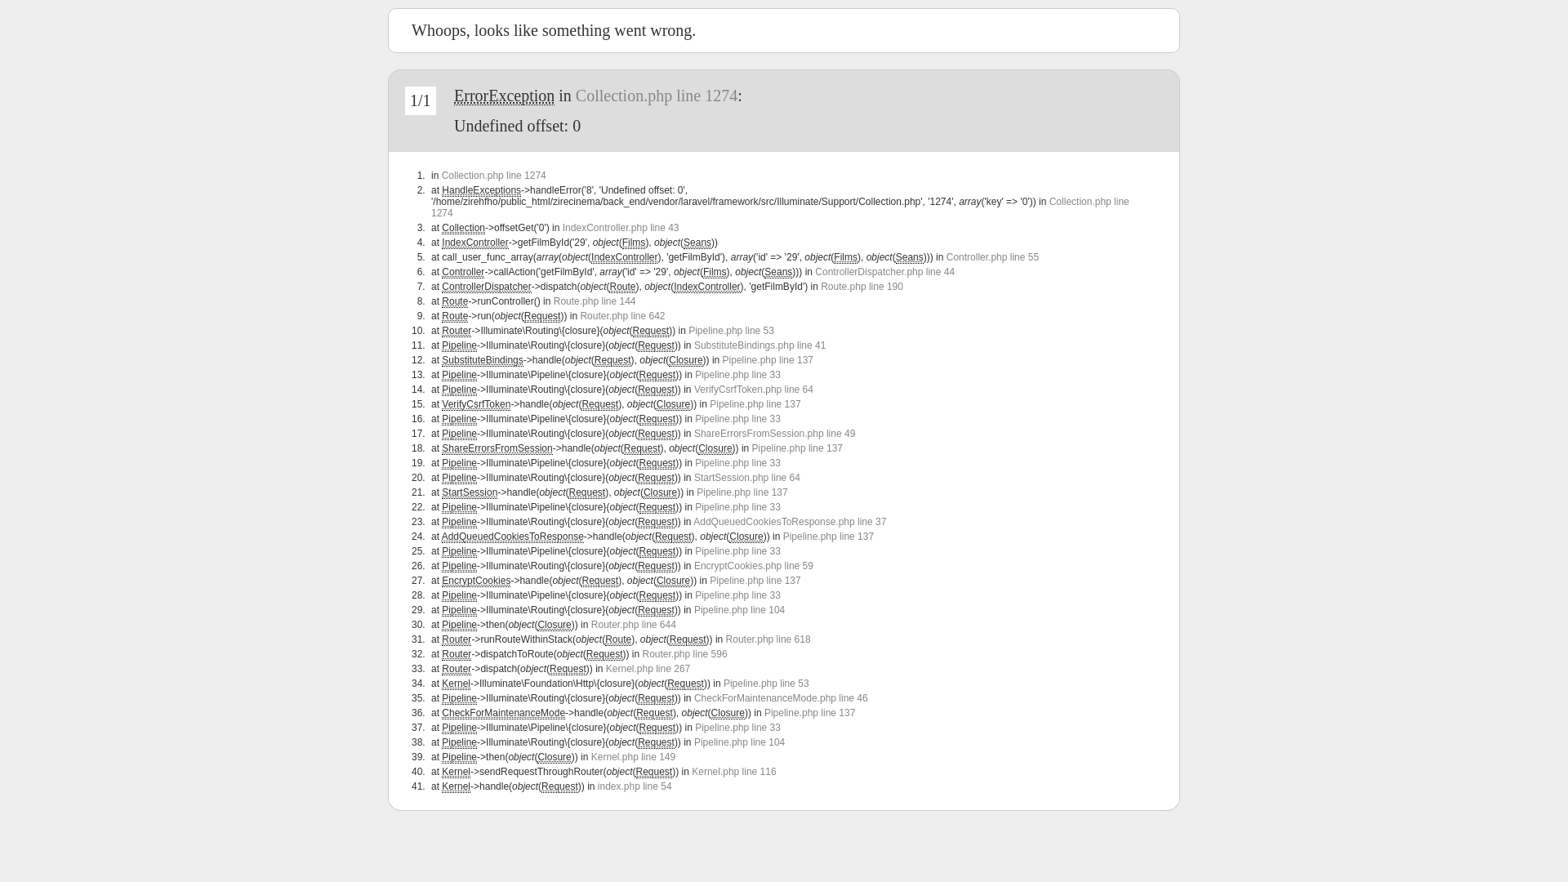 Image resolution: width=1568 pixels, height=882 pixels. What do you see at coordinates (693, 390) in the screenshot?
I see `'VerifyCsrfToken.php line 64'` at bounding box center [693, 390].